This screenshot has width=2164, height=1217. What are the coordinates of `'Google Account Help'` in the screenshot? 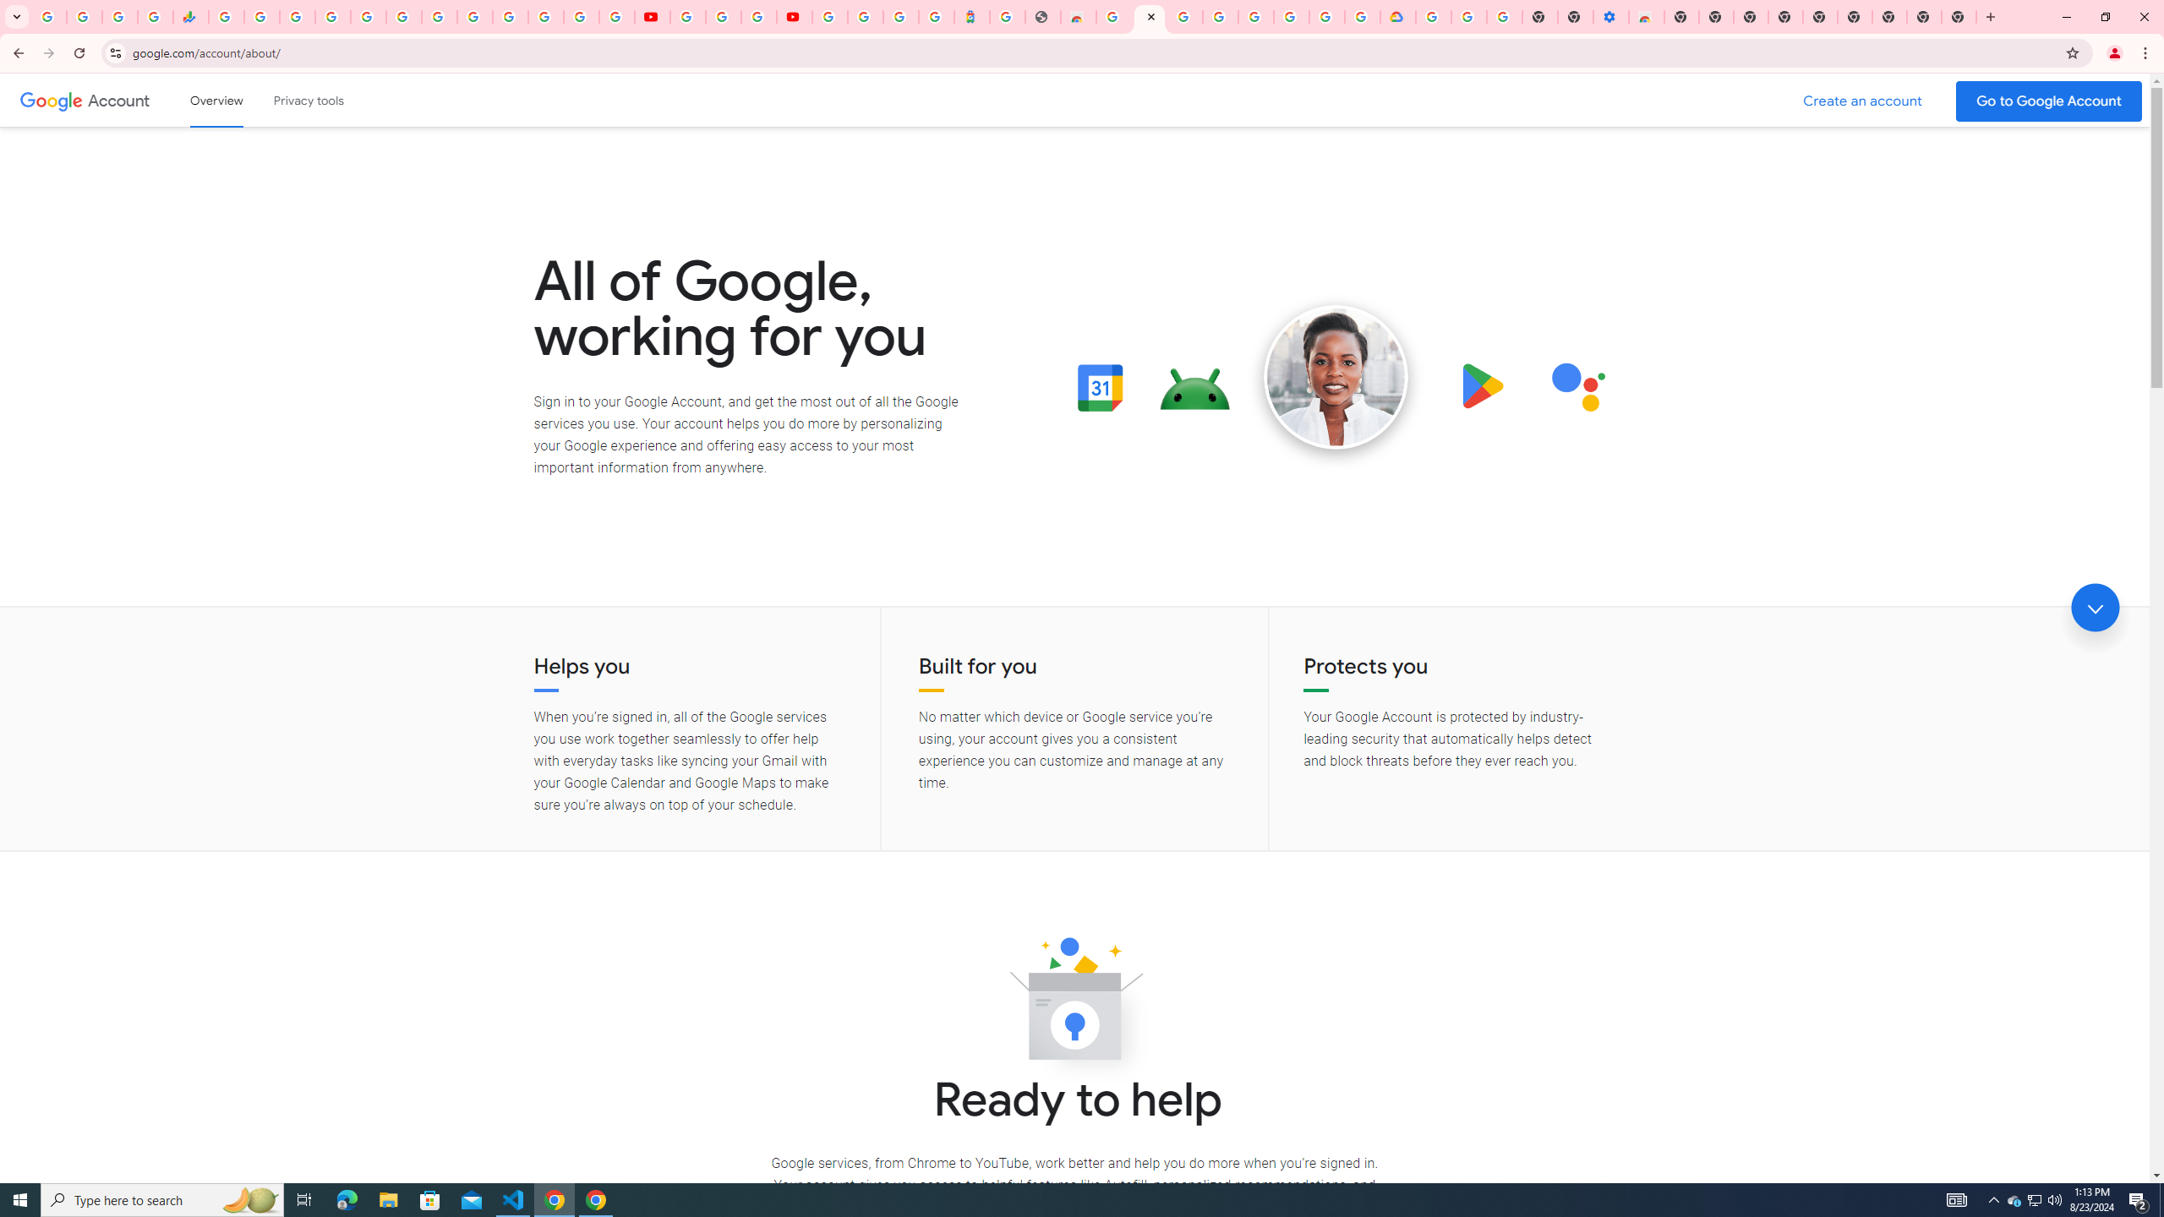 It's located at (724, 16).